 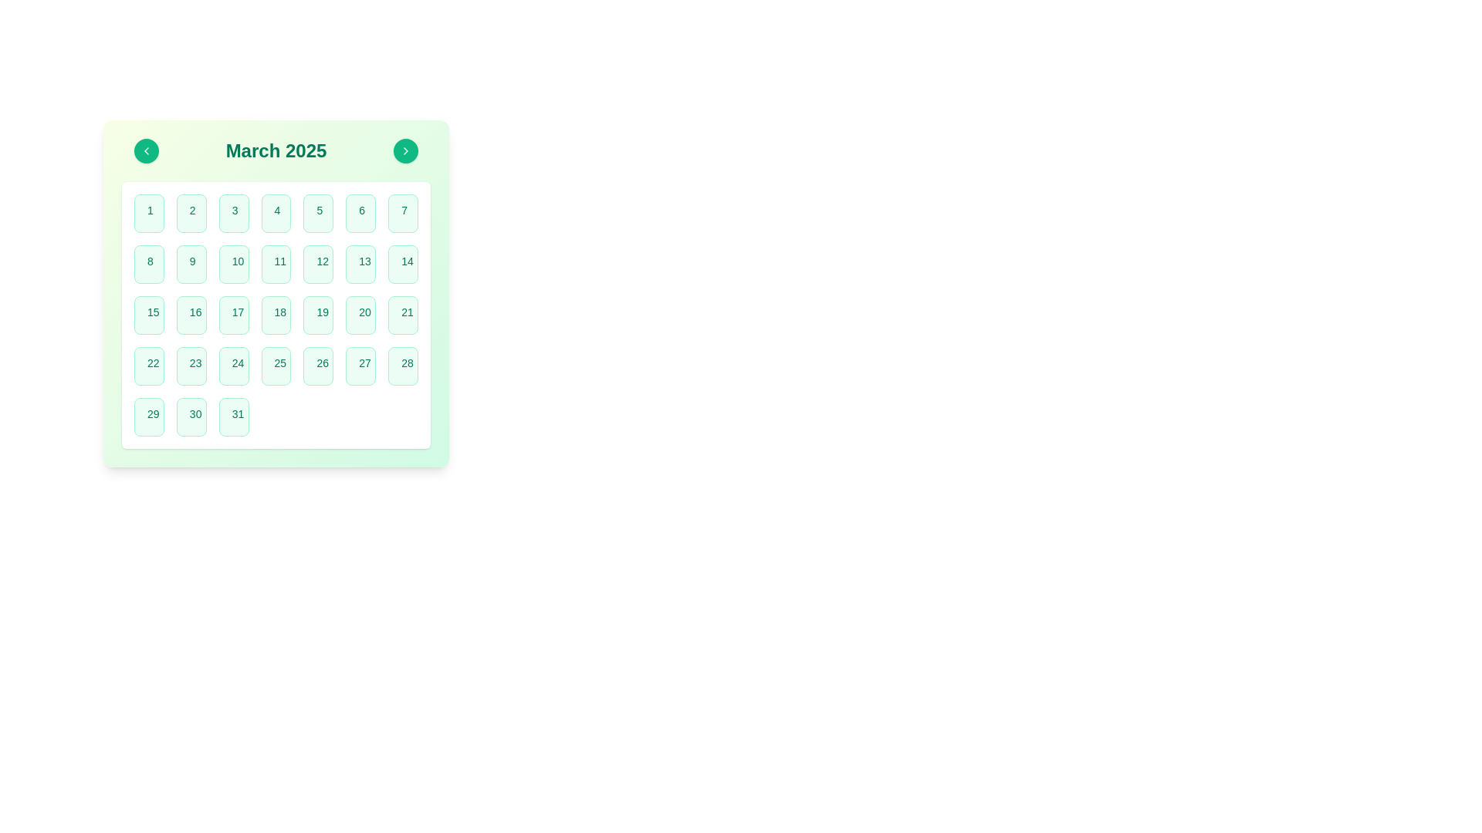 I want to click on the button that navigates to the next month in the calendar view, located in the header section next to 'March 2025', so click(x=406, y=151).